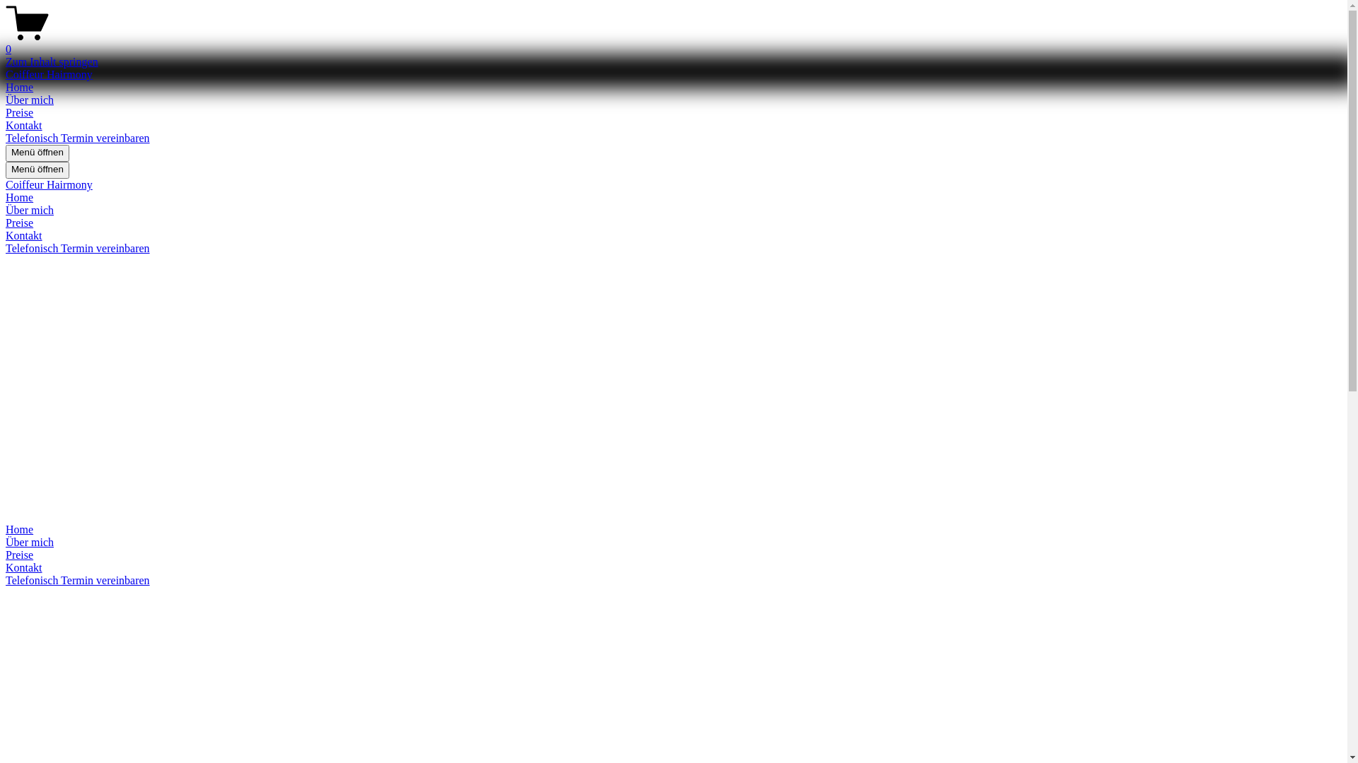 Image resolution: width=1358 pixels, height=763 pixels. I want to click on 'Zum Inhalt springen', so click(52, 61).